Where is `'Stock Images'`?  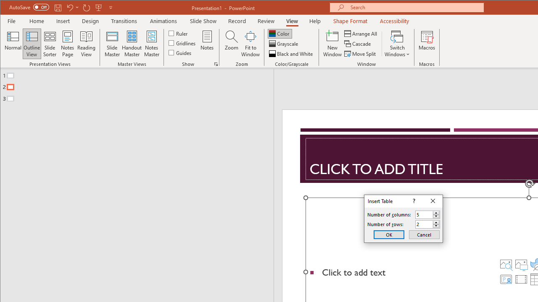 'Stock Images' is located at coordinates (505, 264).